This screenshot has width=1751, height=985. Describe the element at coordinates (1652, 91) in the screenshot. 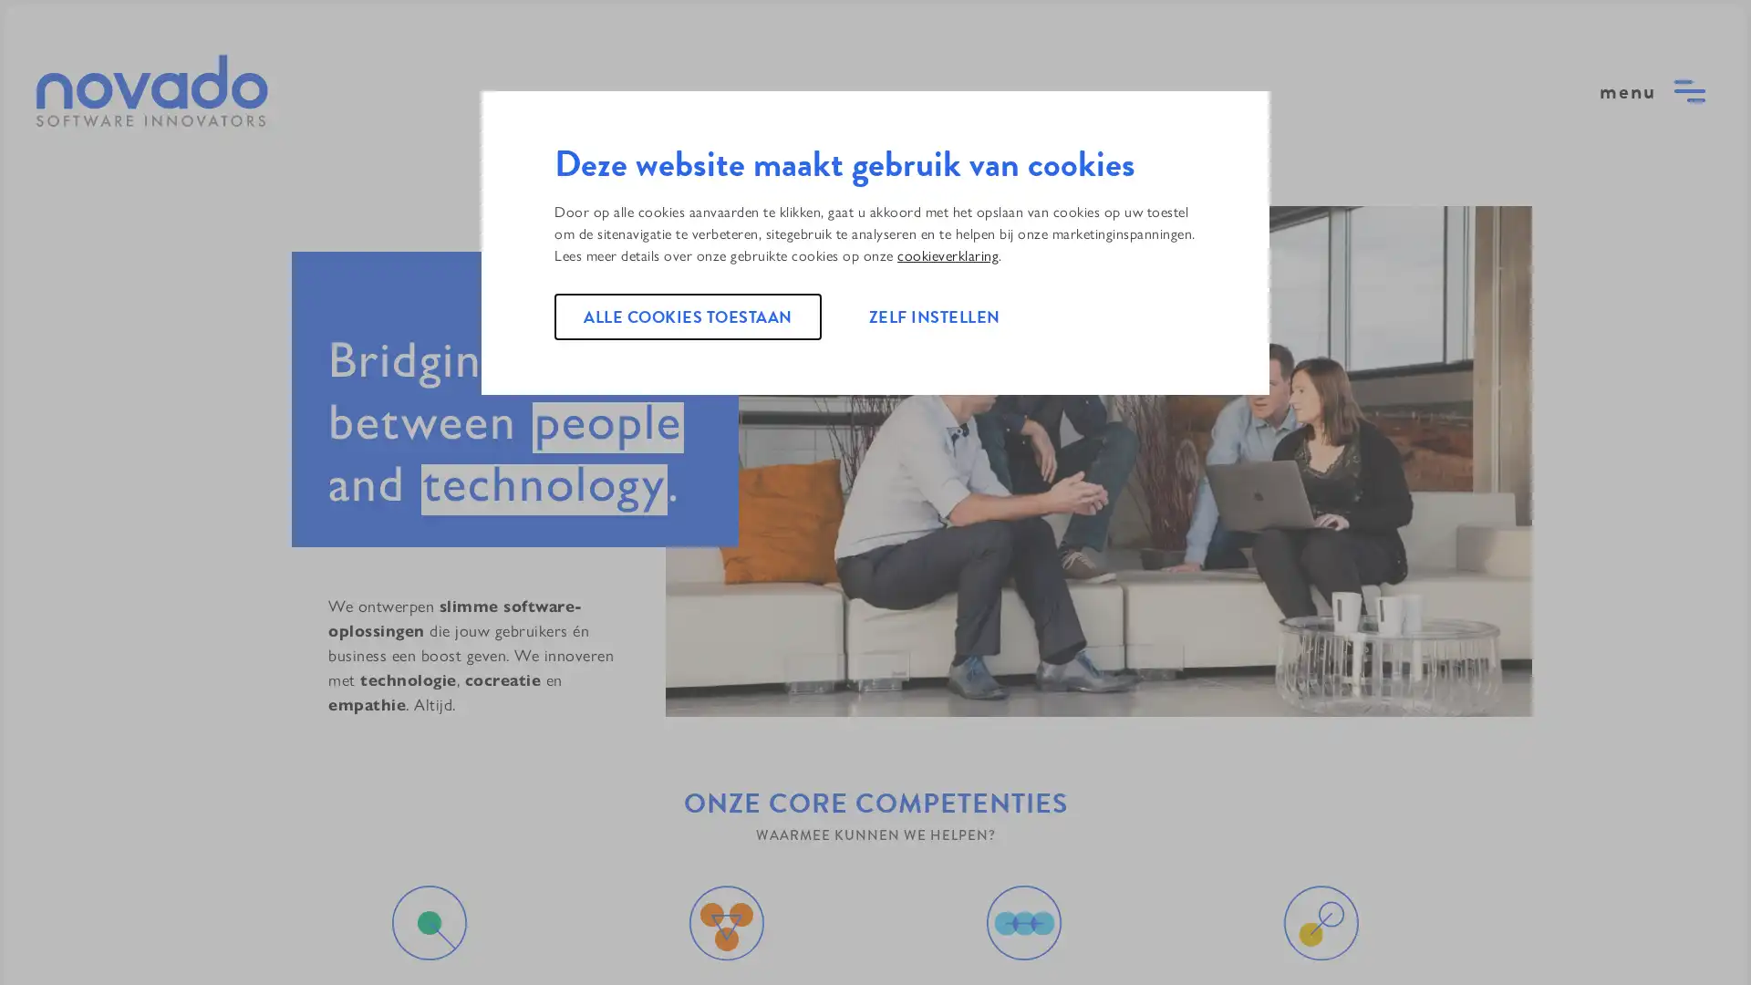

I see `open menu` at that location.